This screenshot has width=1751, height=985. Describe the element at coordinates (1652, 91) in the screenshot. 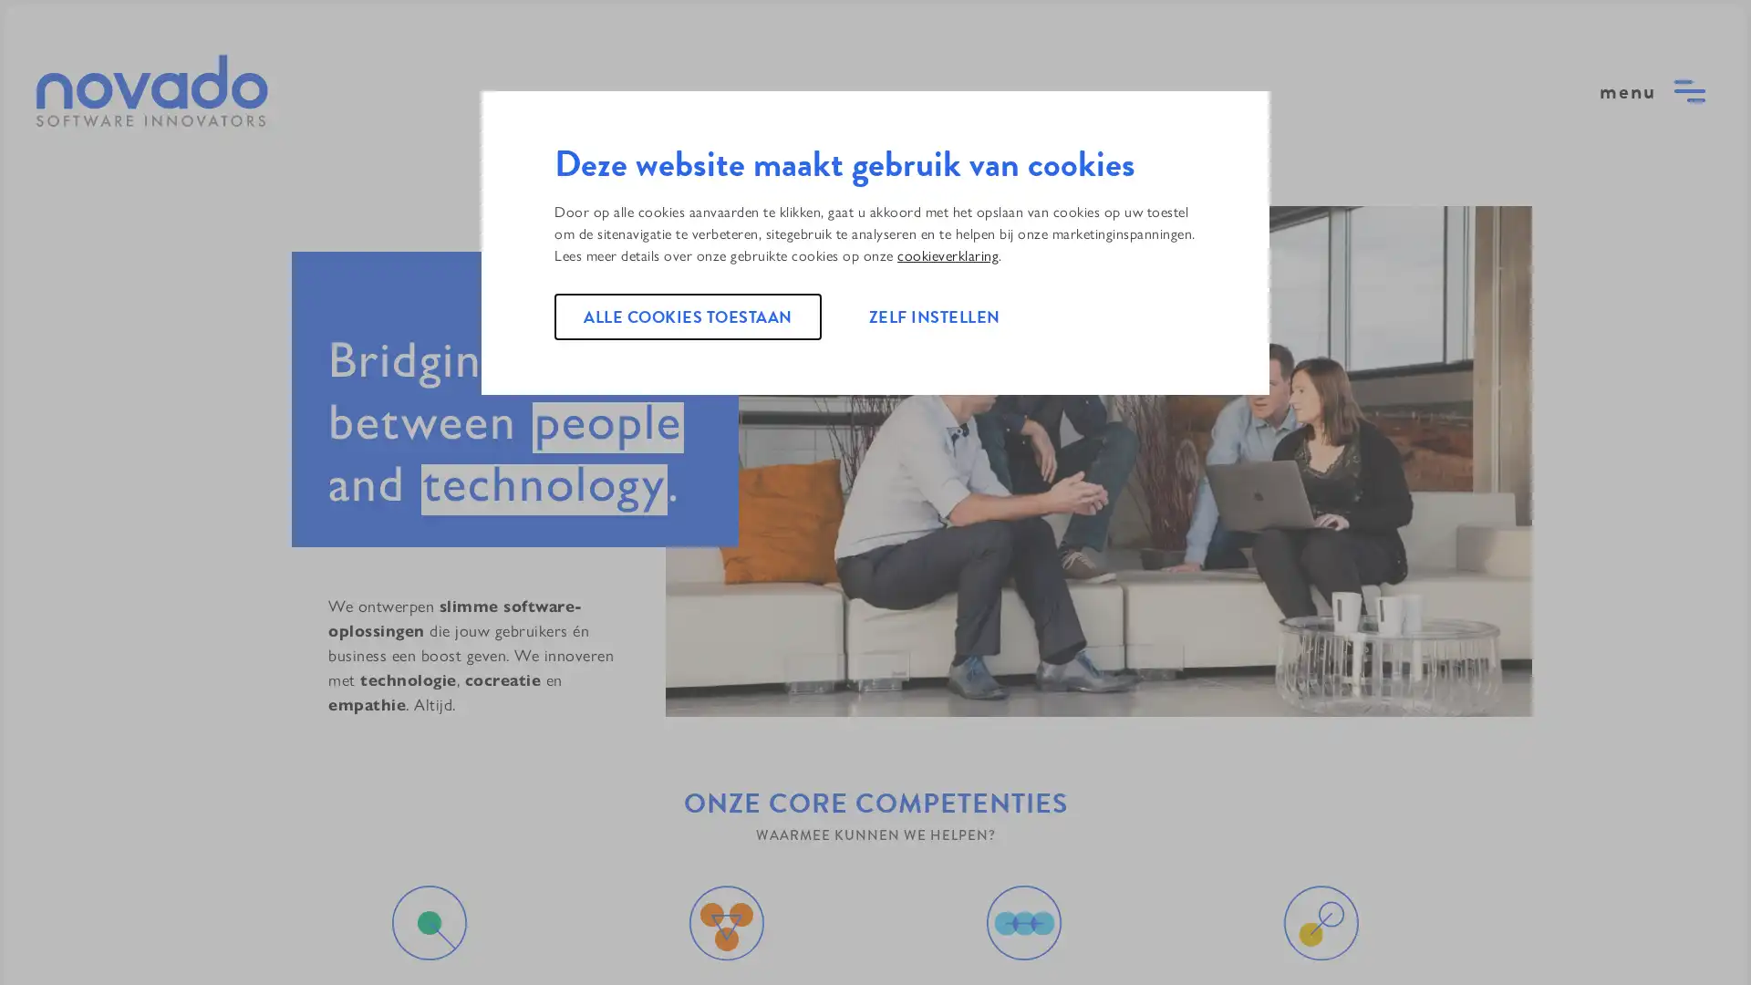

I see `open menu` at that location.